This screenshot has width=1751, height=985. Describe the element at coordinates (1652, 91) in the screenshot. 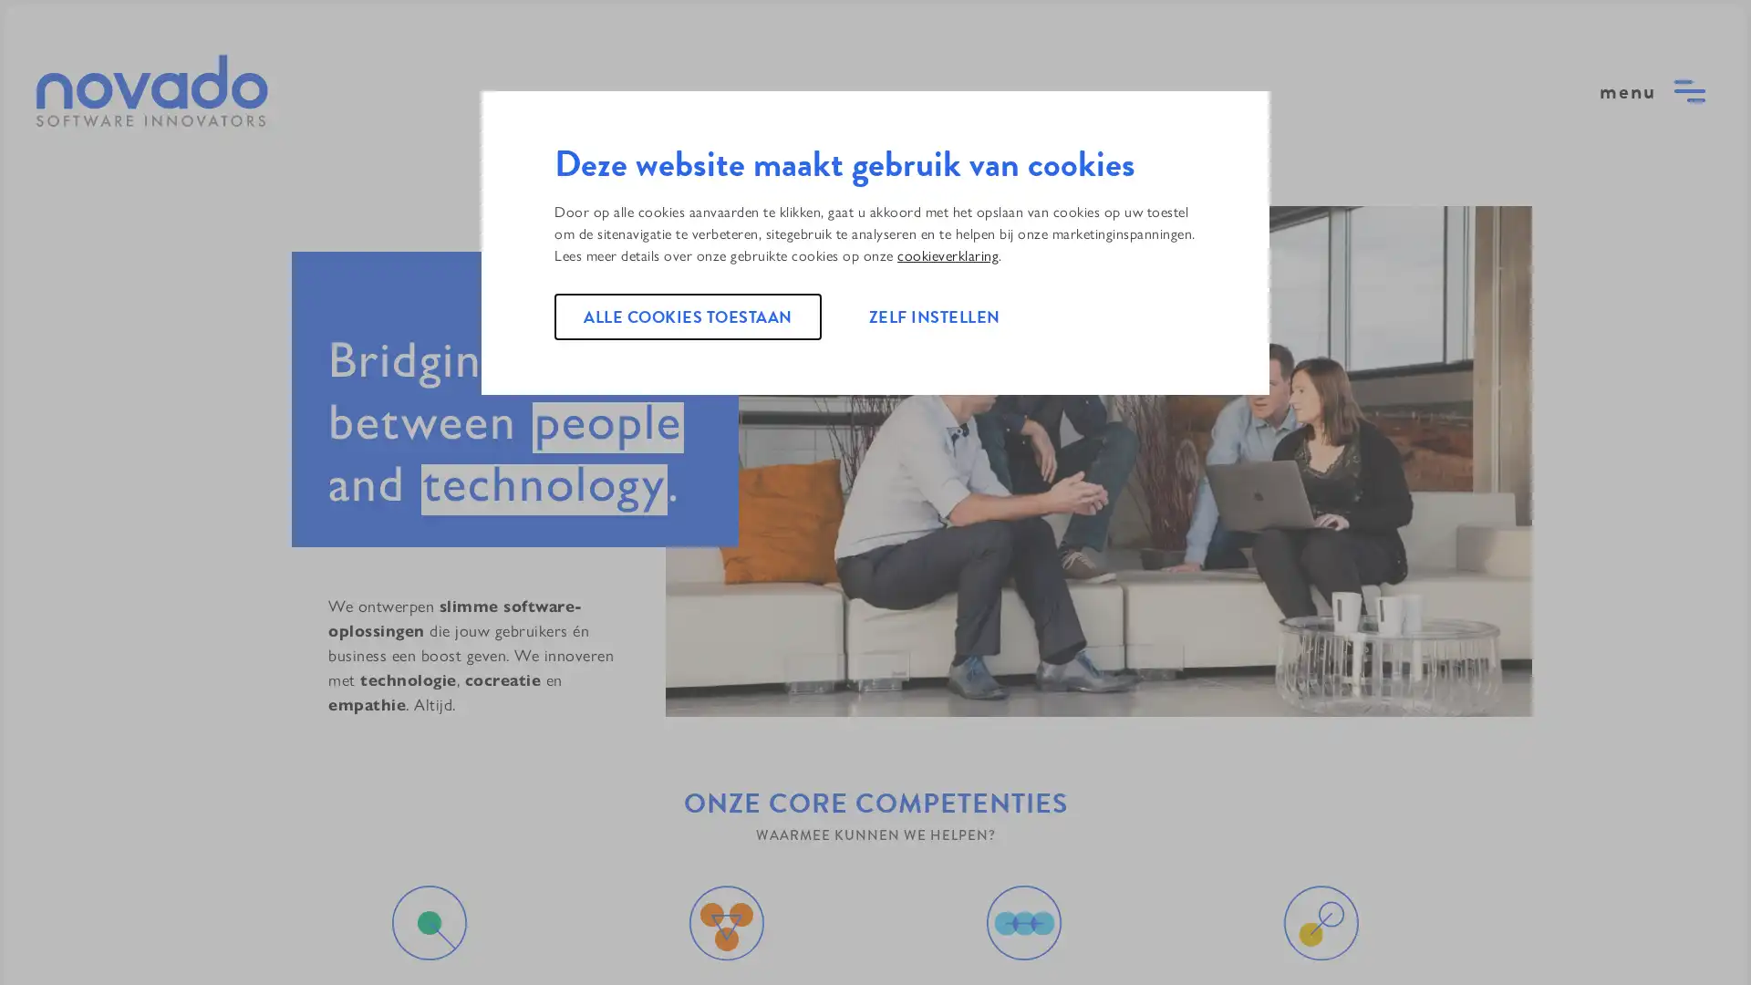

I see `open menu` at that location.